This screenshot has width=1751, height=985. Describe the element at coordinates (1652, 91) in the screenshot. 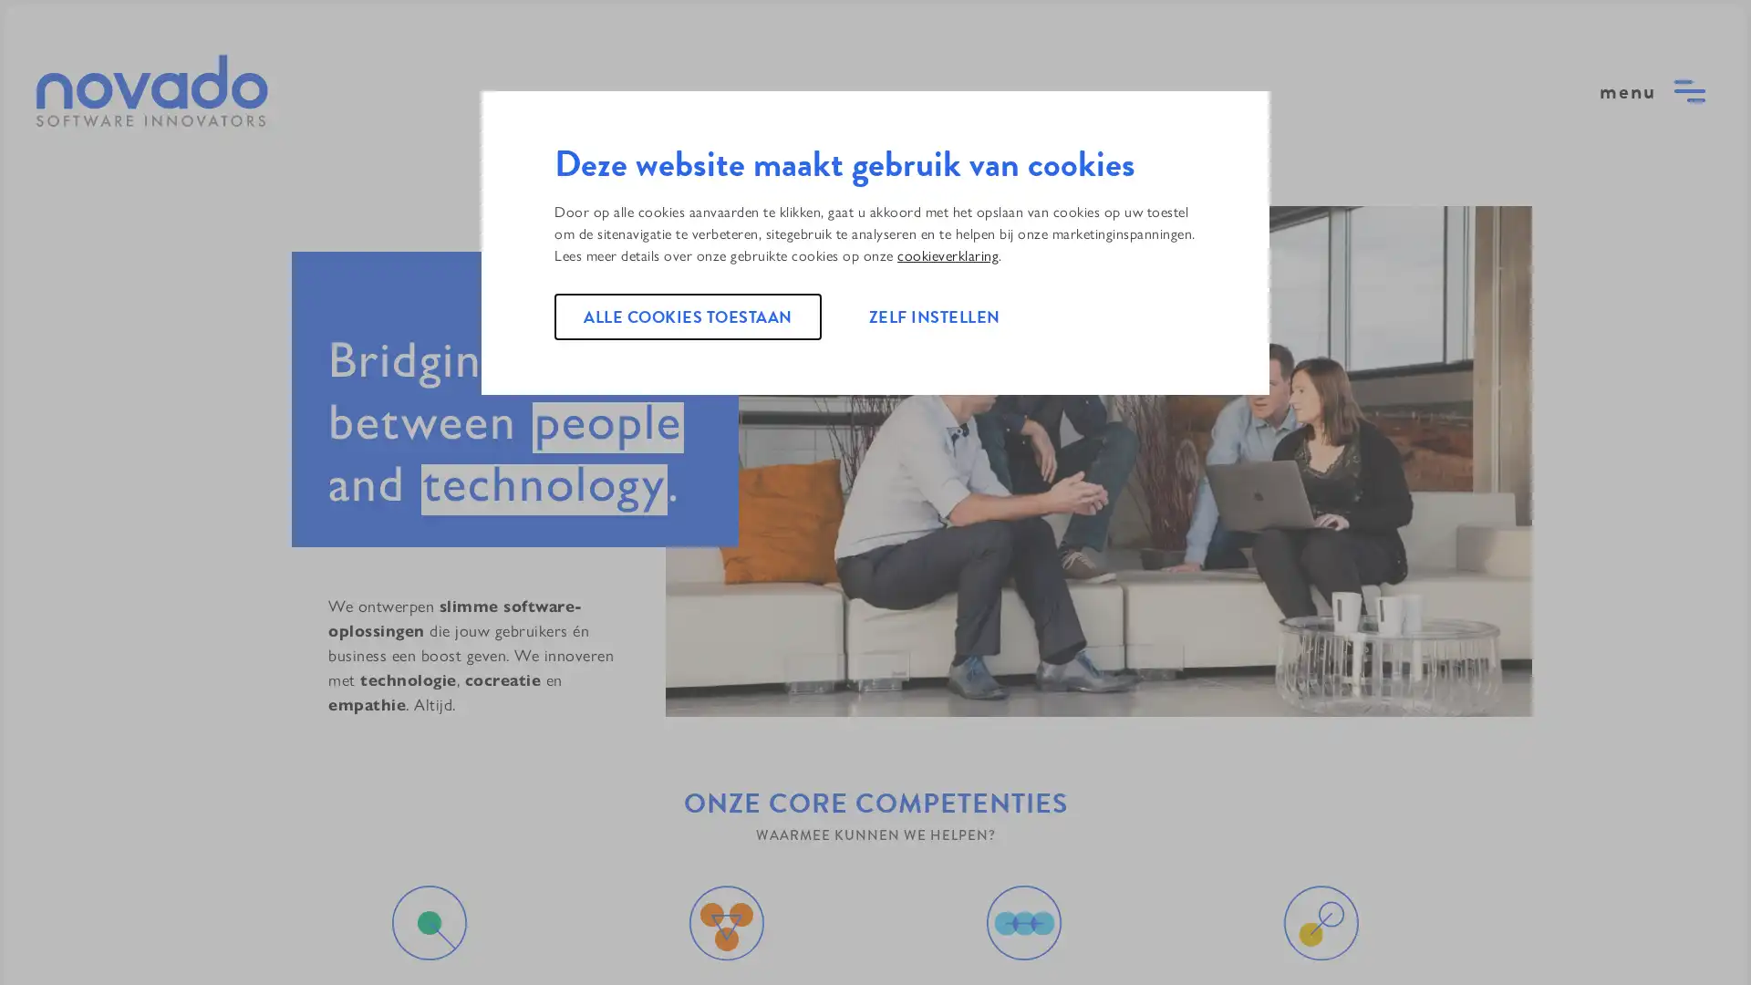

I see `open menu` at that location.